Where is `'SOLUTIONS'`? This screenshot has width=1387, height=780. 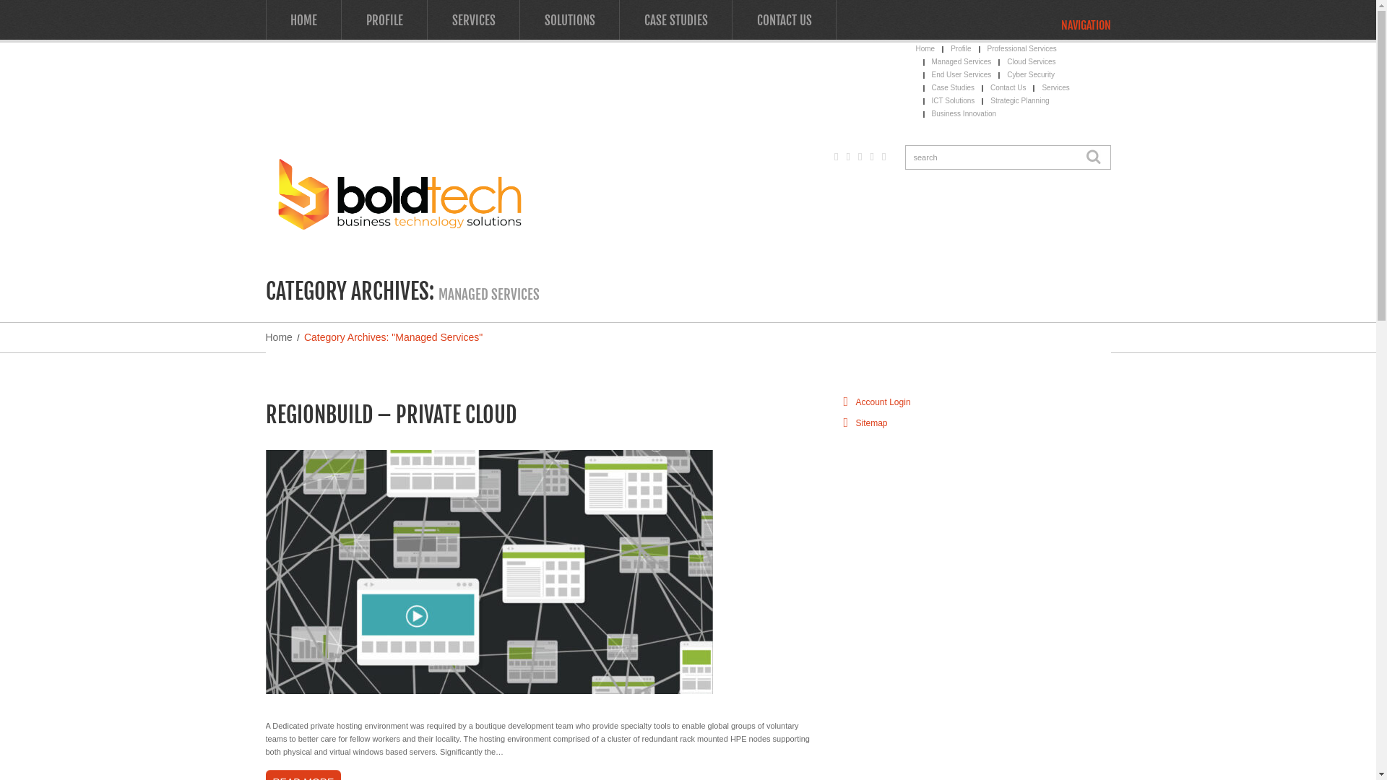
'SOLUTIONS' is located at coordinates (569, 19).